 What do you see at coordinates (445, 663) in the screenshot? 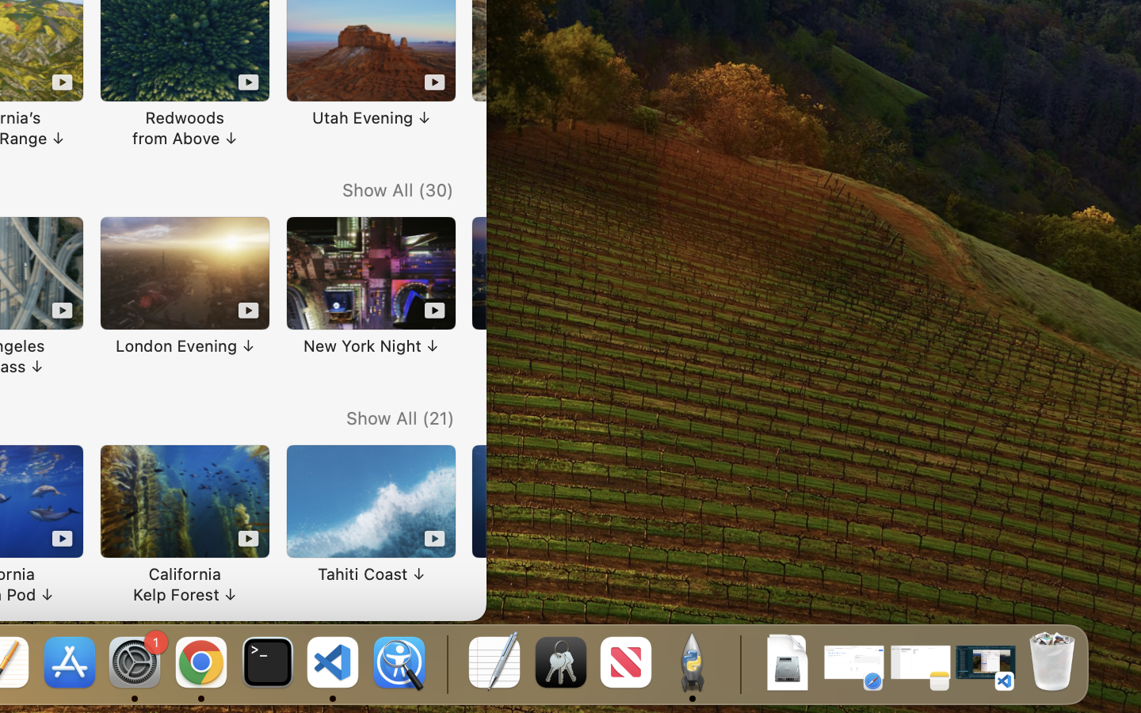
I see `'0.4285714328289032'` at bounding box center [445, 663].